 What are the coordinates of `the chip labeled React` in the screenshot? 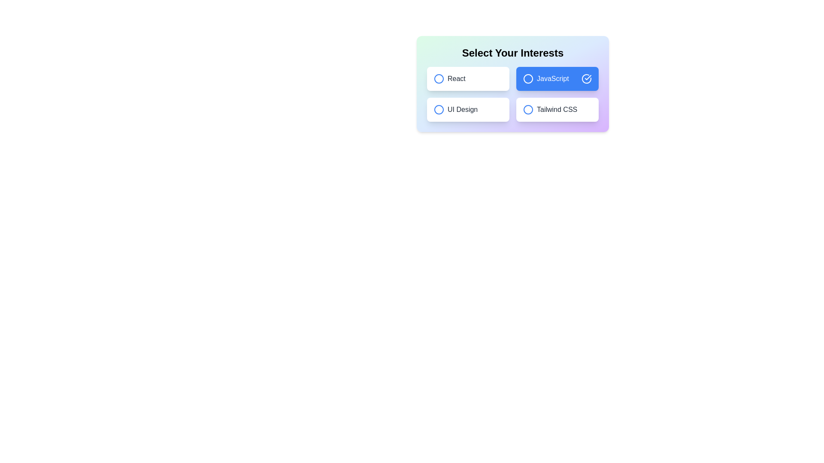 It's located at (467, 79).